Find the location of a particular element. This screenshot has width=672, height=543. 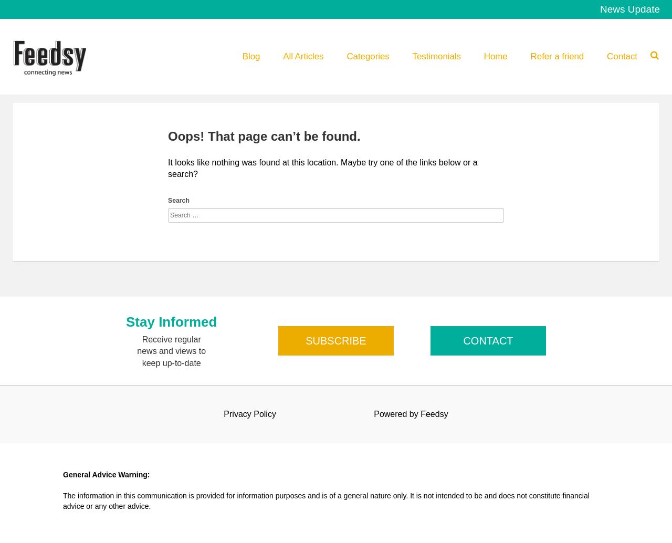

'Stay Informed' is located at coordinates (126, 321).